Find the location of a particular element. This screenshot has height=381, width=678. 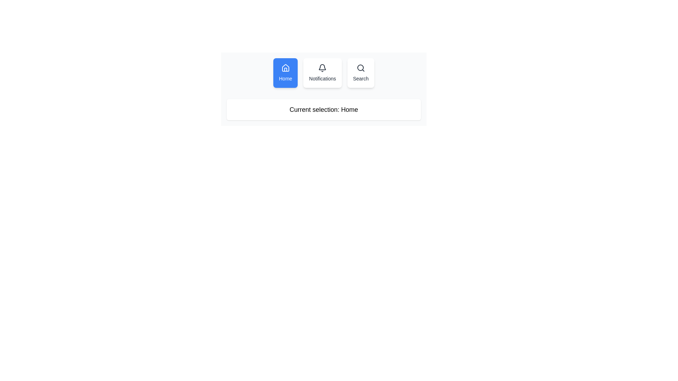

the 'Search' button, which features a magnifying glass icon and is the third item in a horizontal menu is located at coordinates (361, 73).